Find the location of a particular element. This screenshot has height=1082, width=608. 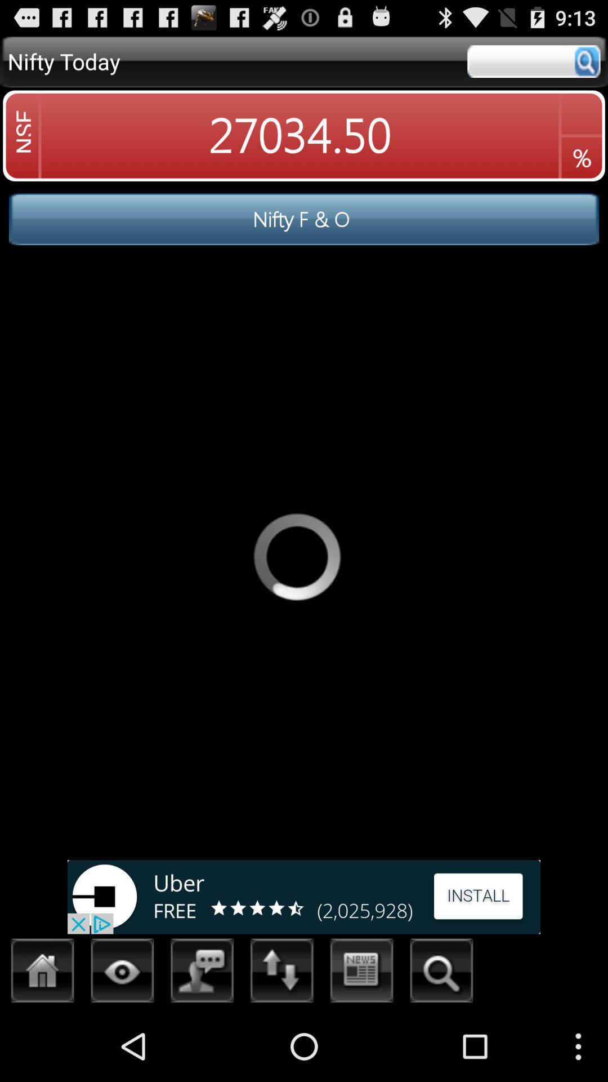

search option is located at coordinates (441, 973).